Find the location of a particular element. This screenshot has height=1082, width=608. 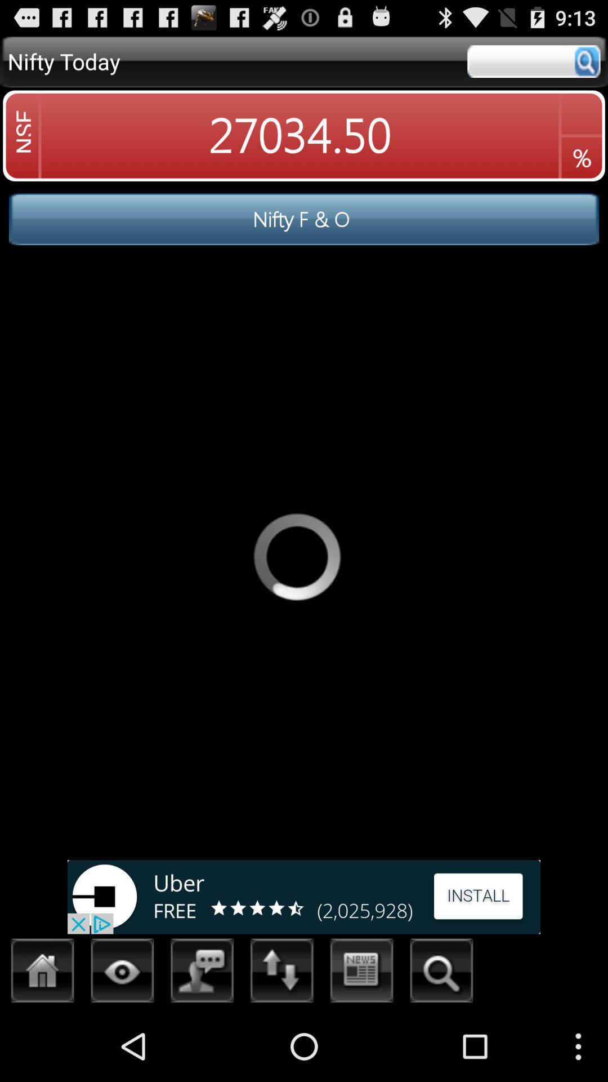

search option is located at coordinates (441, 973).